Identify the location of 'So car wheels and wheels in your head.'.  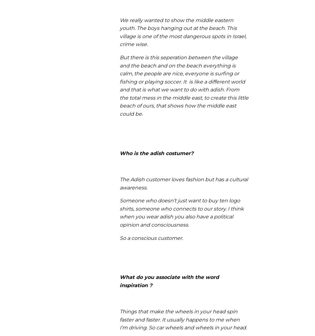
(198, 327).